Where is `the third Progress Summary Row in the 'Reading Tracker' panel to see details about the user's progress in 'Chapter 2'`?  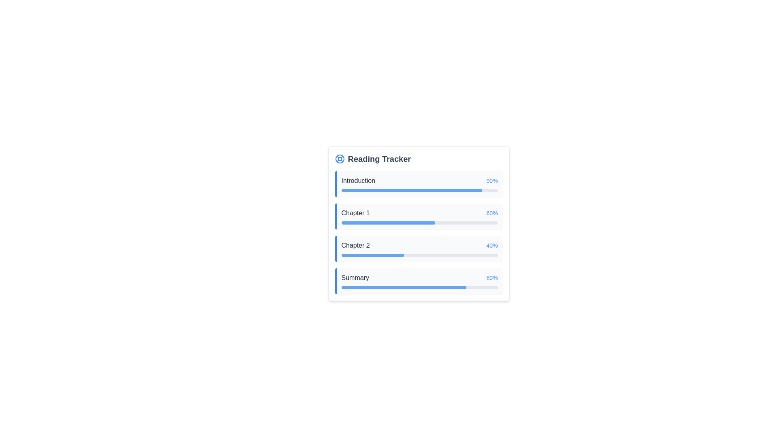
the third Progress Summary Row in the 'Reading Tracker' panel to see details about the user's progress in 'Chapter 2' is located at coordinates (419, 245).